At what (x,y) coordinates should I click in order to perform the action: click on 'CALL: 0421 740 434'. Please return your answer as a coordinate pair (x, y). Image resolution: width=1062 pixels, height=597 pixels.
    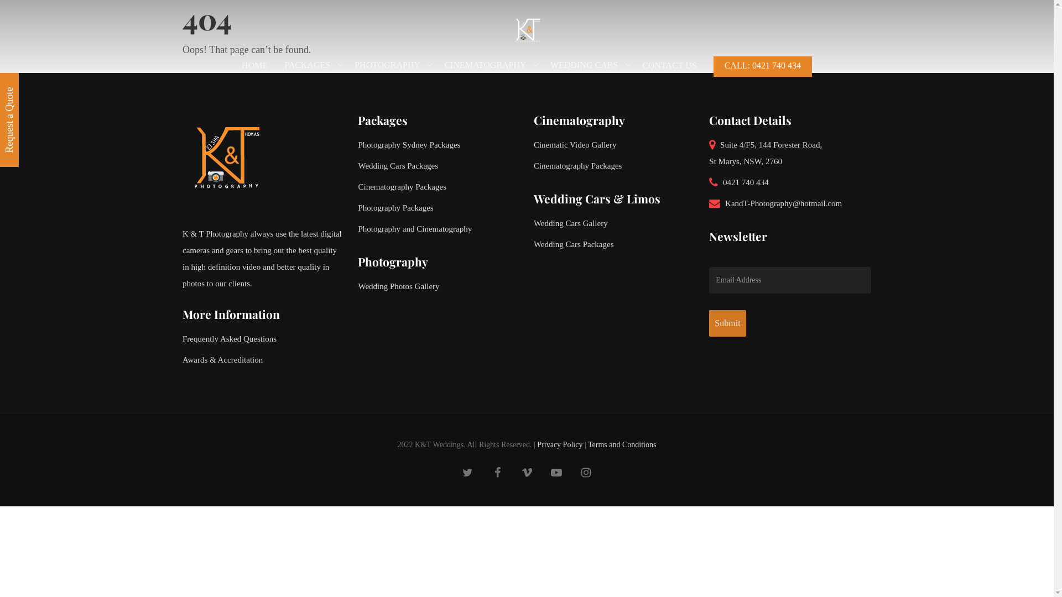
    Looking at the image, I should click on (714, 71).